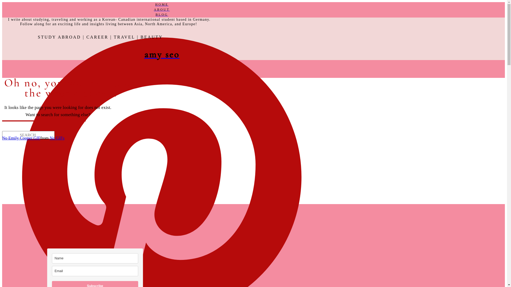 The height and width of the screenshot is (287, 511). What do you see at coordinates (162, 54) in the screenshot?
I see `'amy seo'` at bounding box center [162, 54].